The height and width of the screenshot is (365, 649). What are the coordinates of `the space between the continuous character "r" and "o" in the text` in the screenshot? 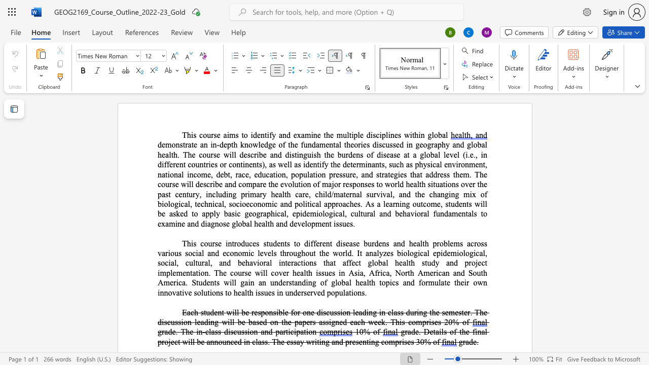 It's located at (339, 204).